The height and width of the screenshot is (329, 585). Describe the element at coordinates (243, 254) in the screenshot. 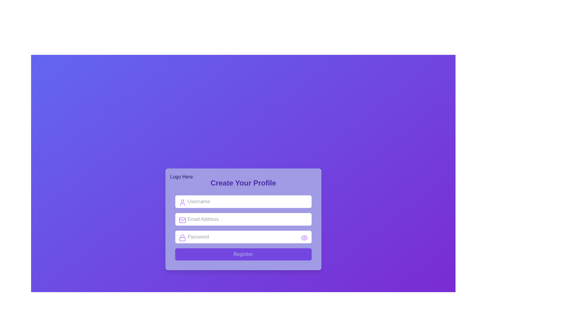

I see `the 'Register' button with a vivid purple background and white bold text located at the bottom of the form interface to highlight it` at that location.